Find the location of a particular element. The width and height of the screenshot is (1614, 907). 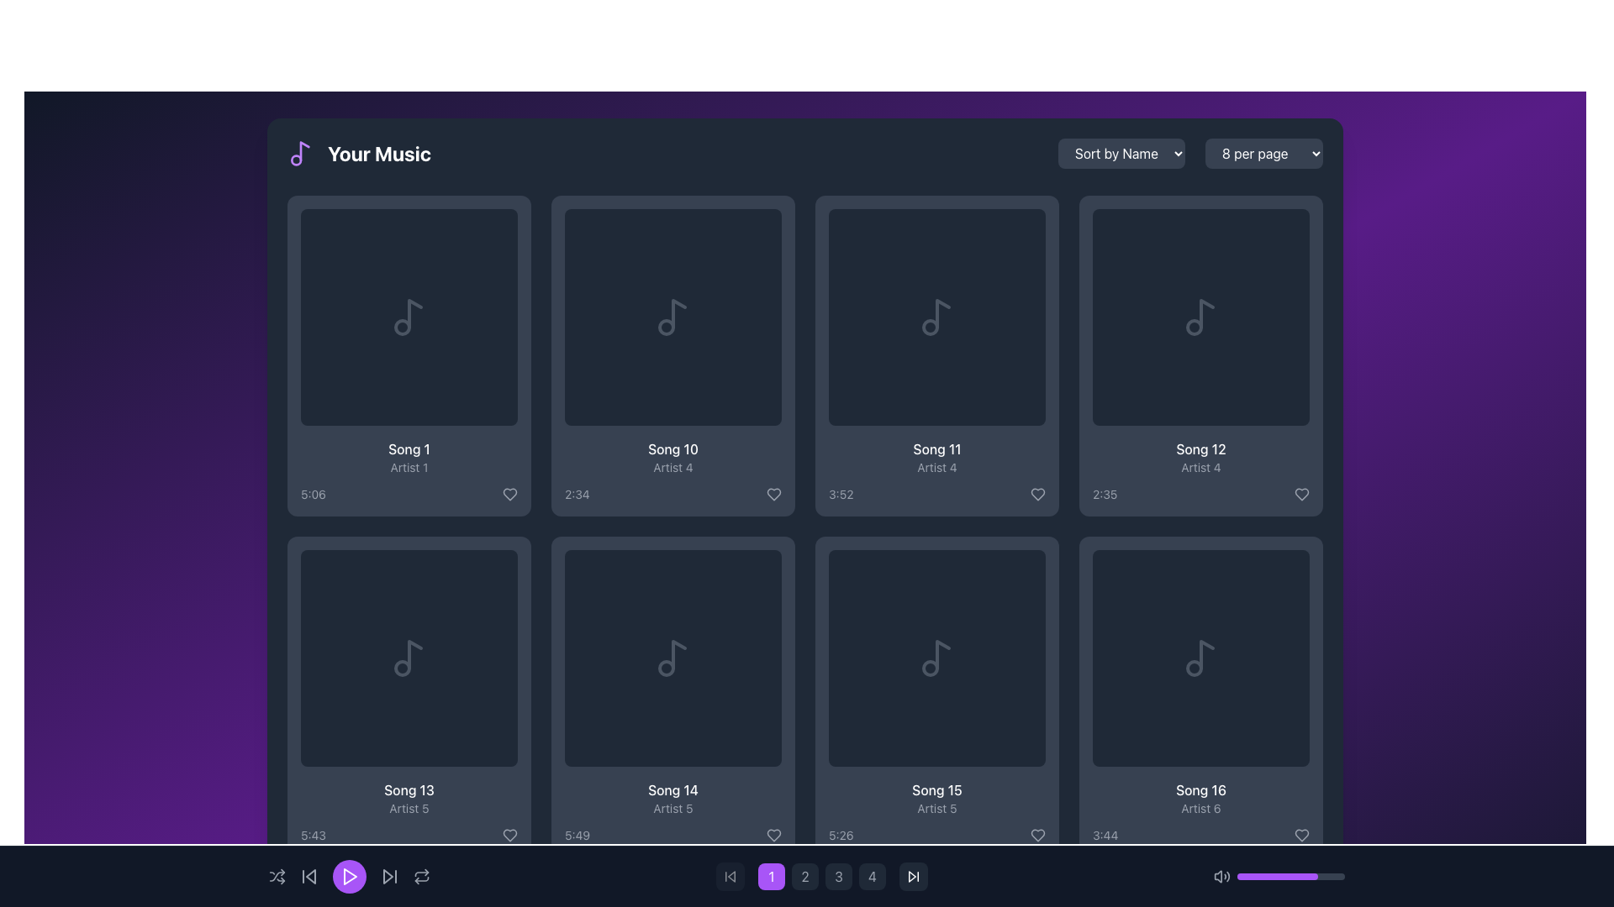

the forward skip button located at the bottom-center of the media playback controls to skip forward to the next media item is located at coordinates (912, 876).